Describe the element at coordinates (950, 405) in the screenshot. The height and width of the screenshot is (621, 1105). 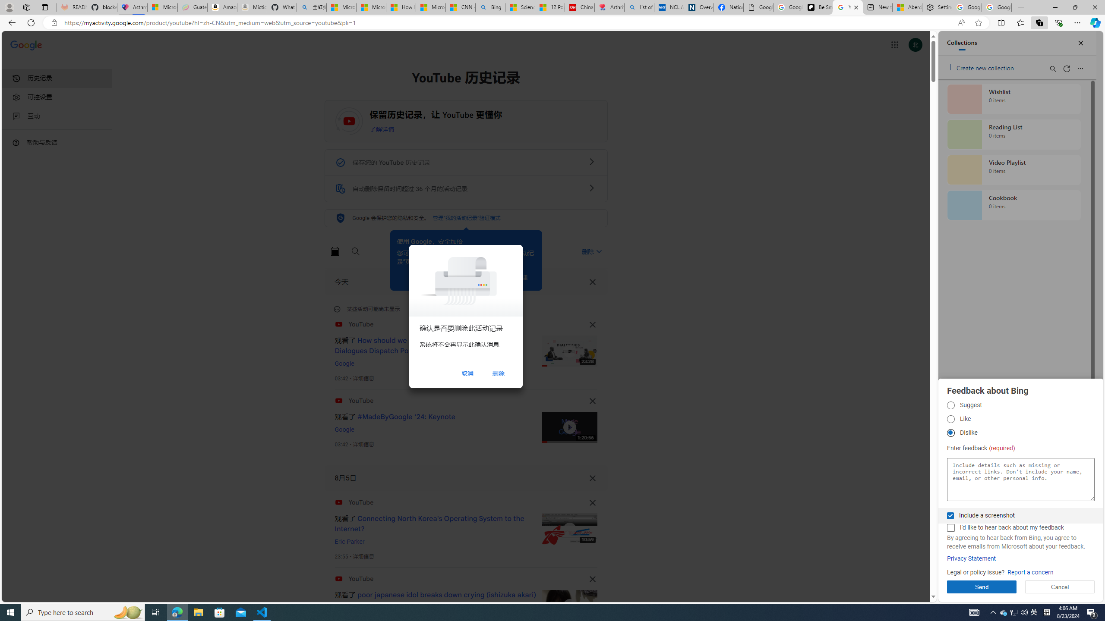
I see `'AutomationID: fbpgdgtp1'` at that location.